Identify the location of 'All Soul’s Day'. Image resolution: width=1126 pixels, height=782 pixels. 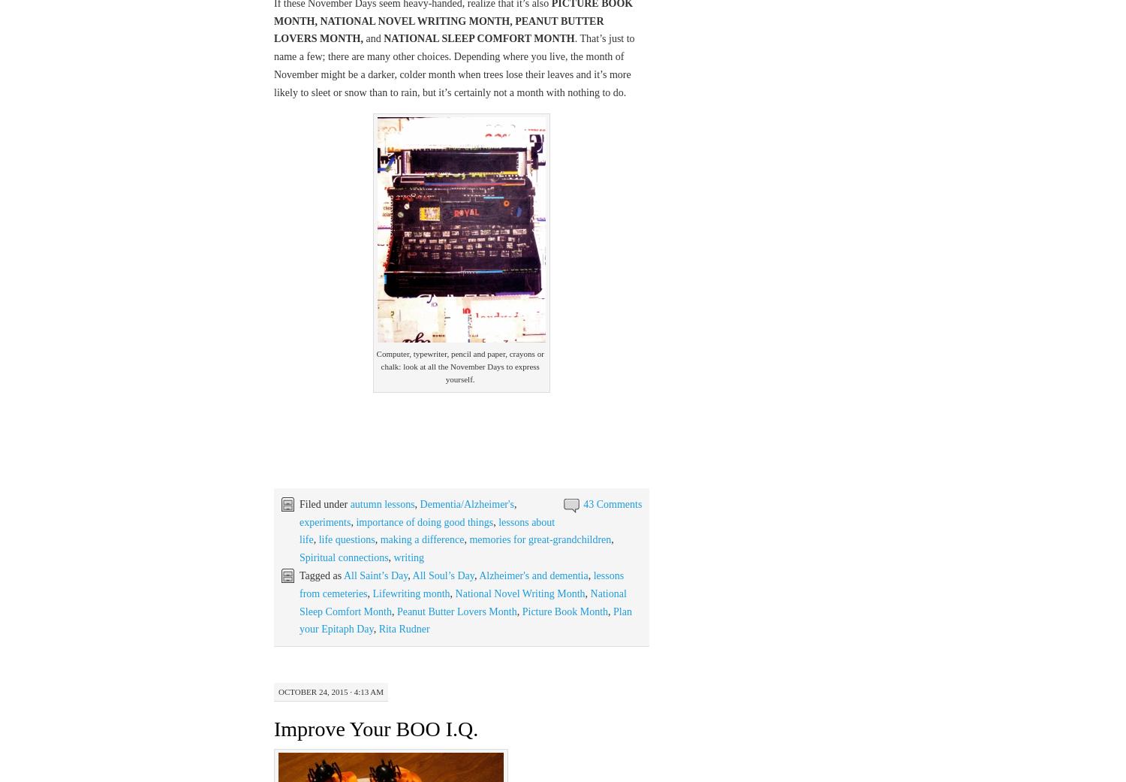
(441, 575).